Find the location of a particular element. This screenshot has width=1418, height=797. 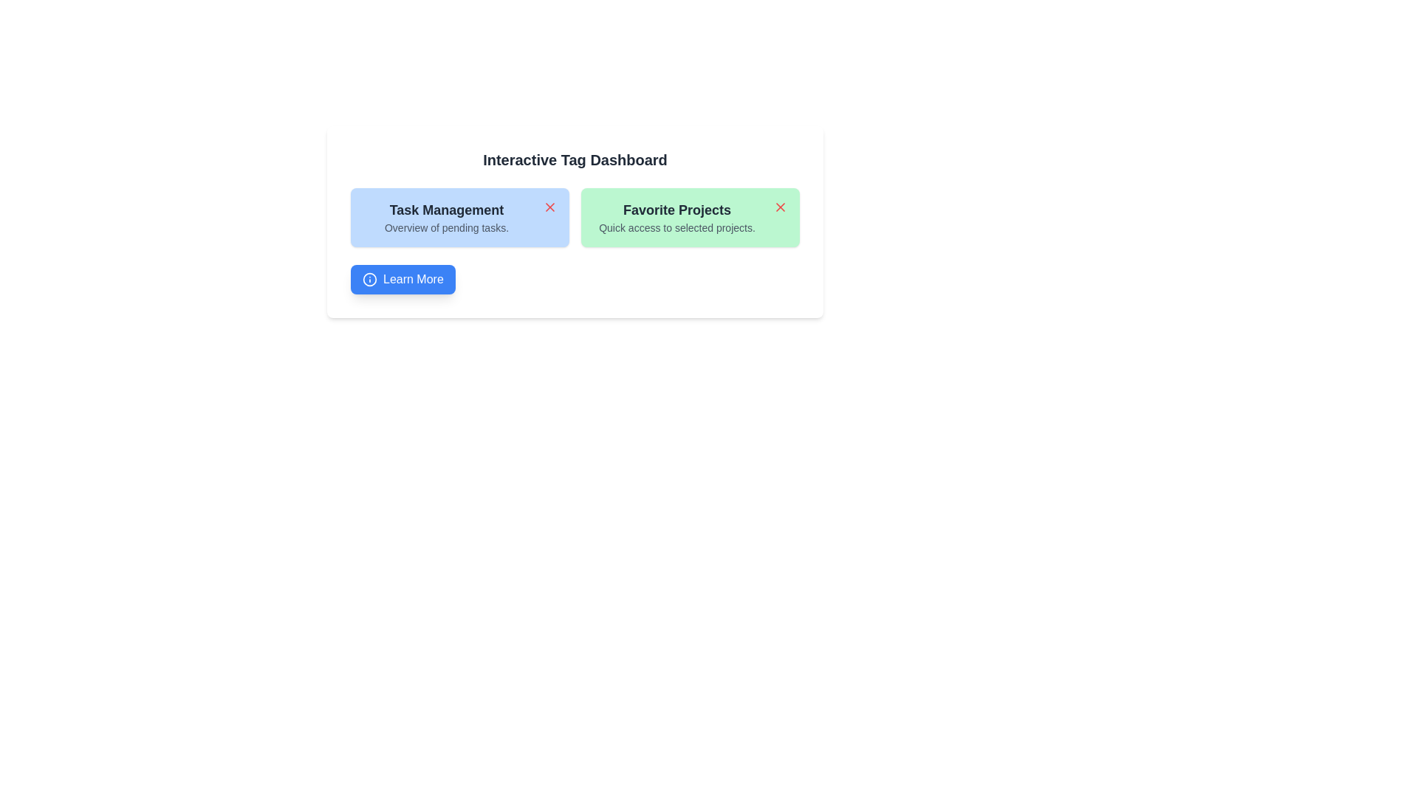

the 'Learn More' button with a blue background and white text located below the 'Task Management' section of the 'Interactive Tag Dashboard' is located at coordinates (403, 279).